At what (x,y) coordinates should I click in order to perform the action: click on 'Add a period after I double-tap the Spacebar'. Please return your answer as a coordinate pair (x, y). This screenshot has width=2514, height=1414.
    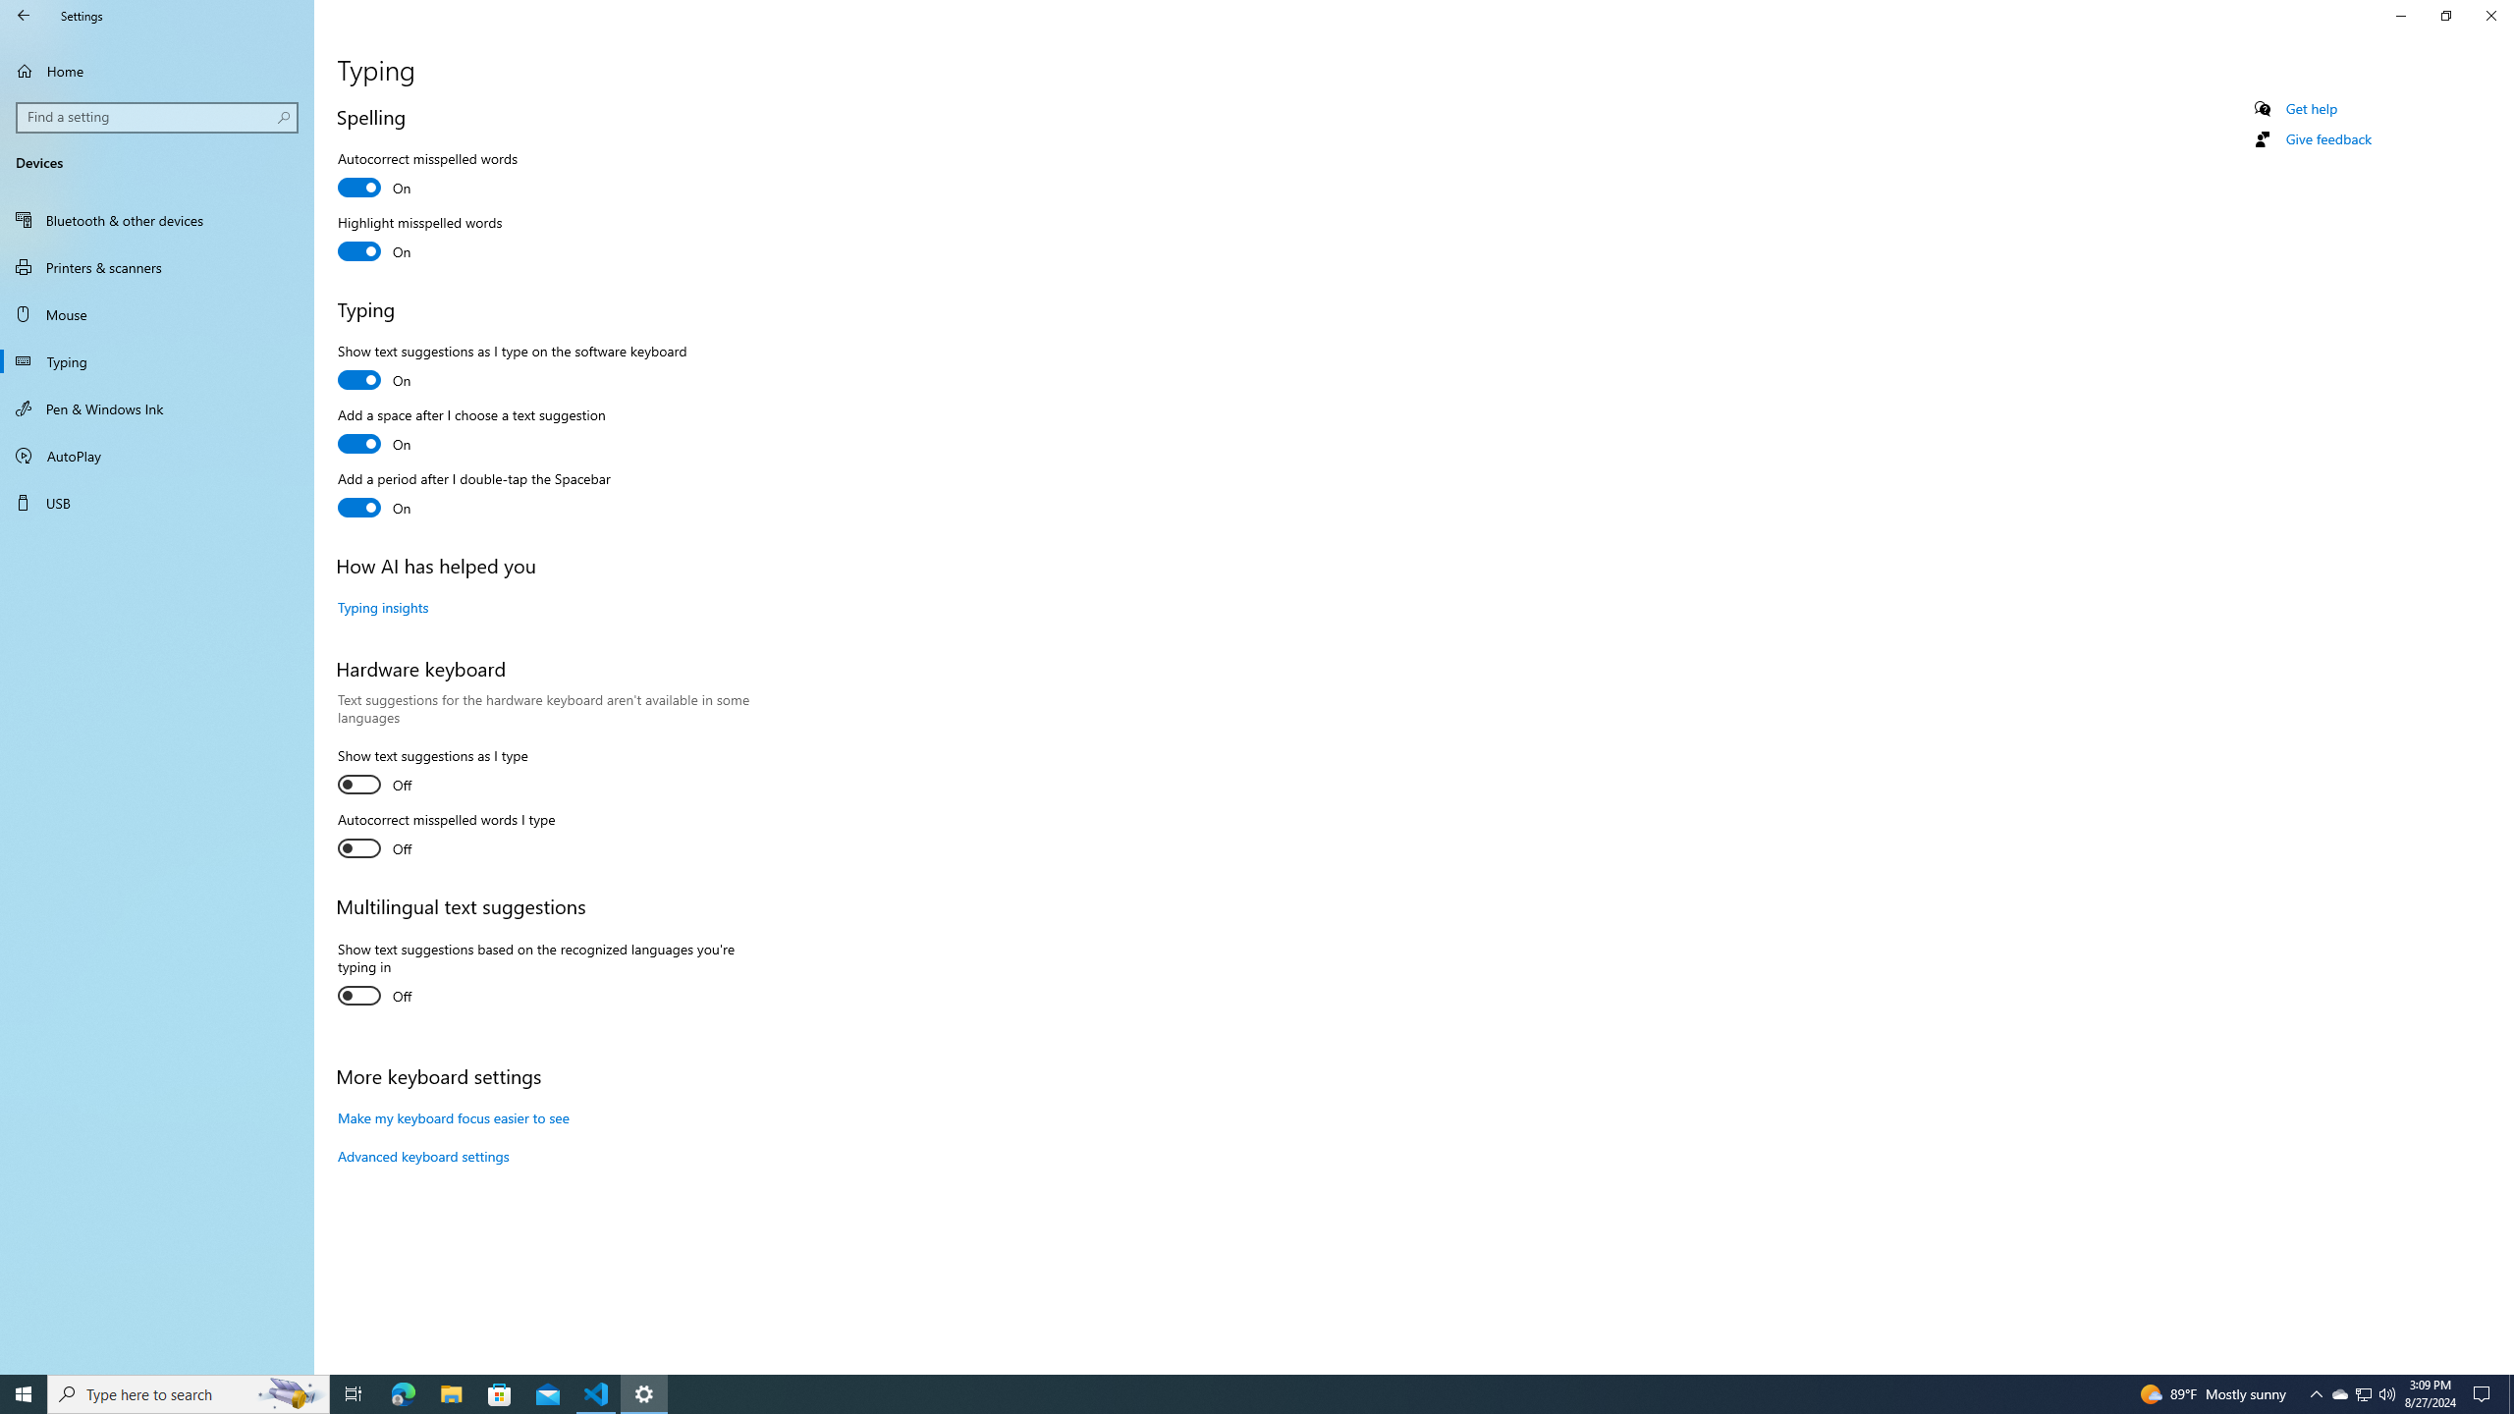
    Looking at the image, I should click on (472, 496).